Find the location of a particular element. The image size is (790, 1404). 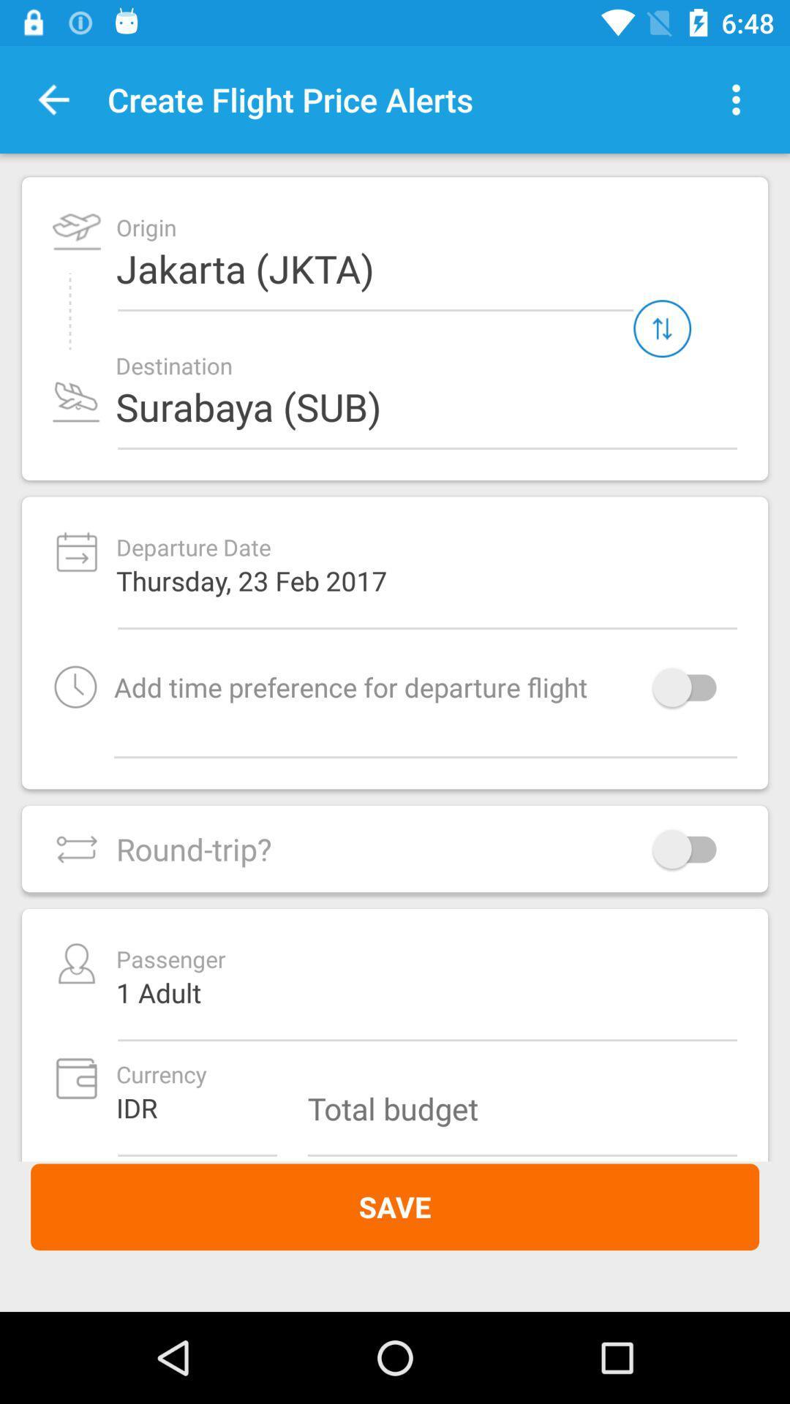

more information is located at coordinates (736, 99).